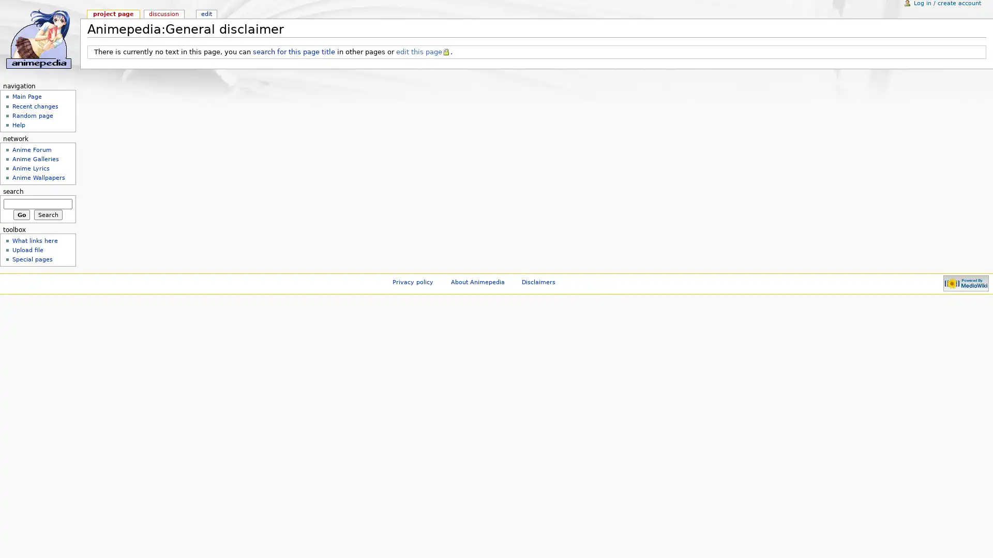 This screenshot has width=993, height=558. What do you see at coordinates (21, 214) in the screenshot?
I see `Go` at bounding box center [21, 214].